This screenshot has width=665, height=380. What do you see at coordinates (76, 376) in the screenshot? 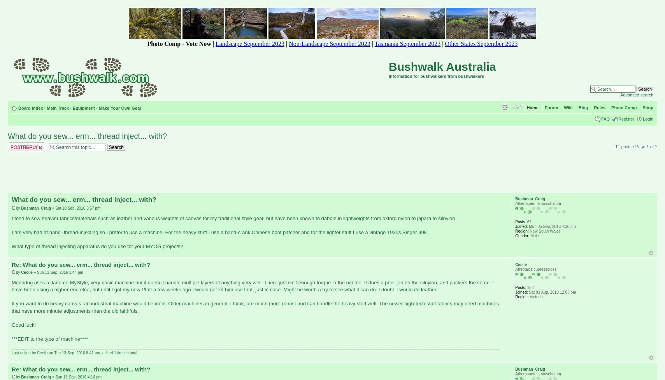
I see `'» Sun 11 Sep, 2016 4:16 pm'` at bounding box center [76, 376].